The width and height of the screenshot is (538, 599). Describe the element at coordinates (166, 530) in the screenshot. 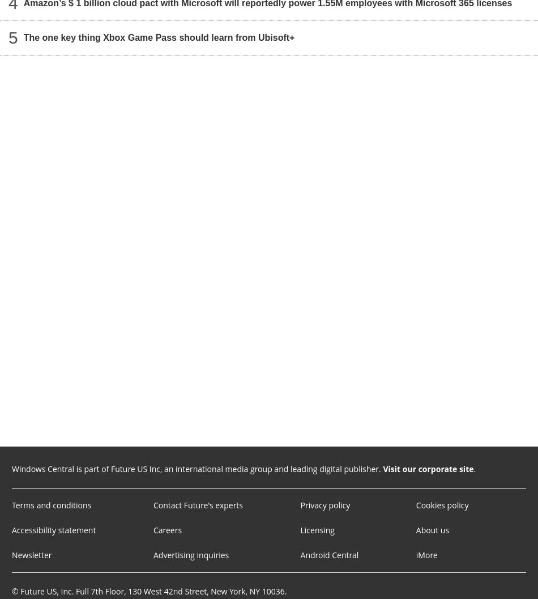

I see `'Careers'` at that location.